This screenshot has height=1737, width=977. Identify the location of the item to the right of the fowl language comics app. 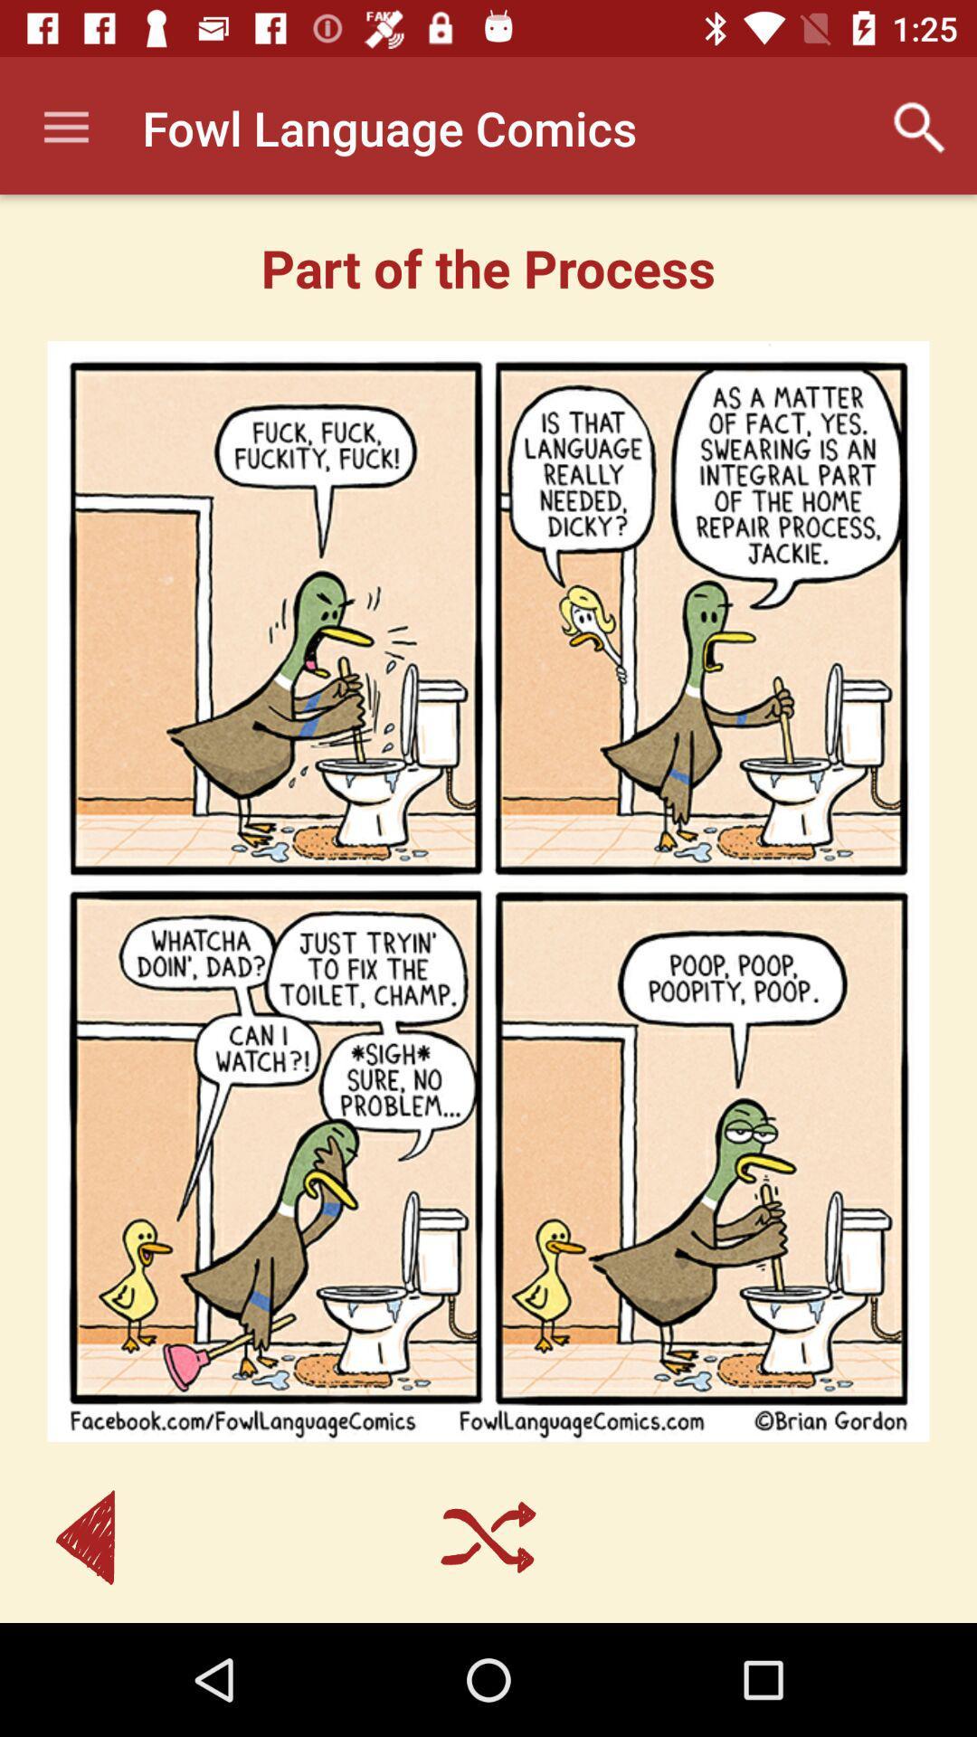
(920, 127).